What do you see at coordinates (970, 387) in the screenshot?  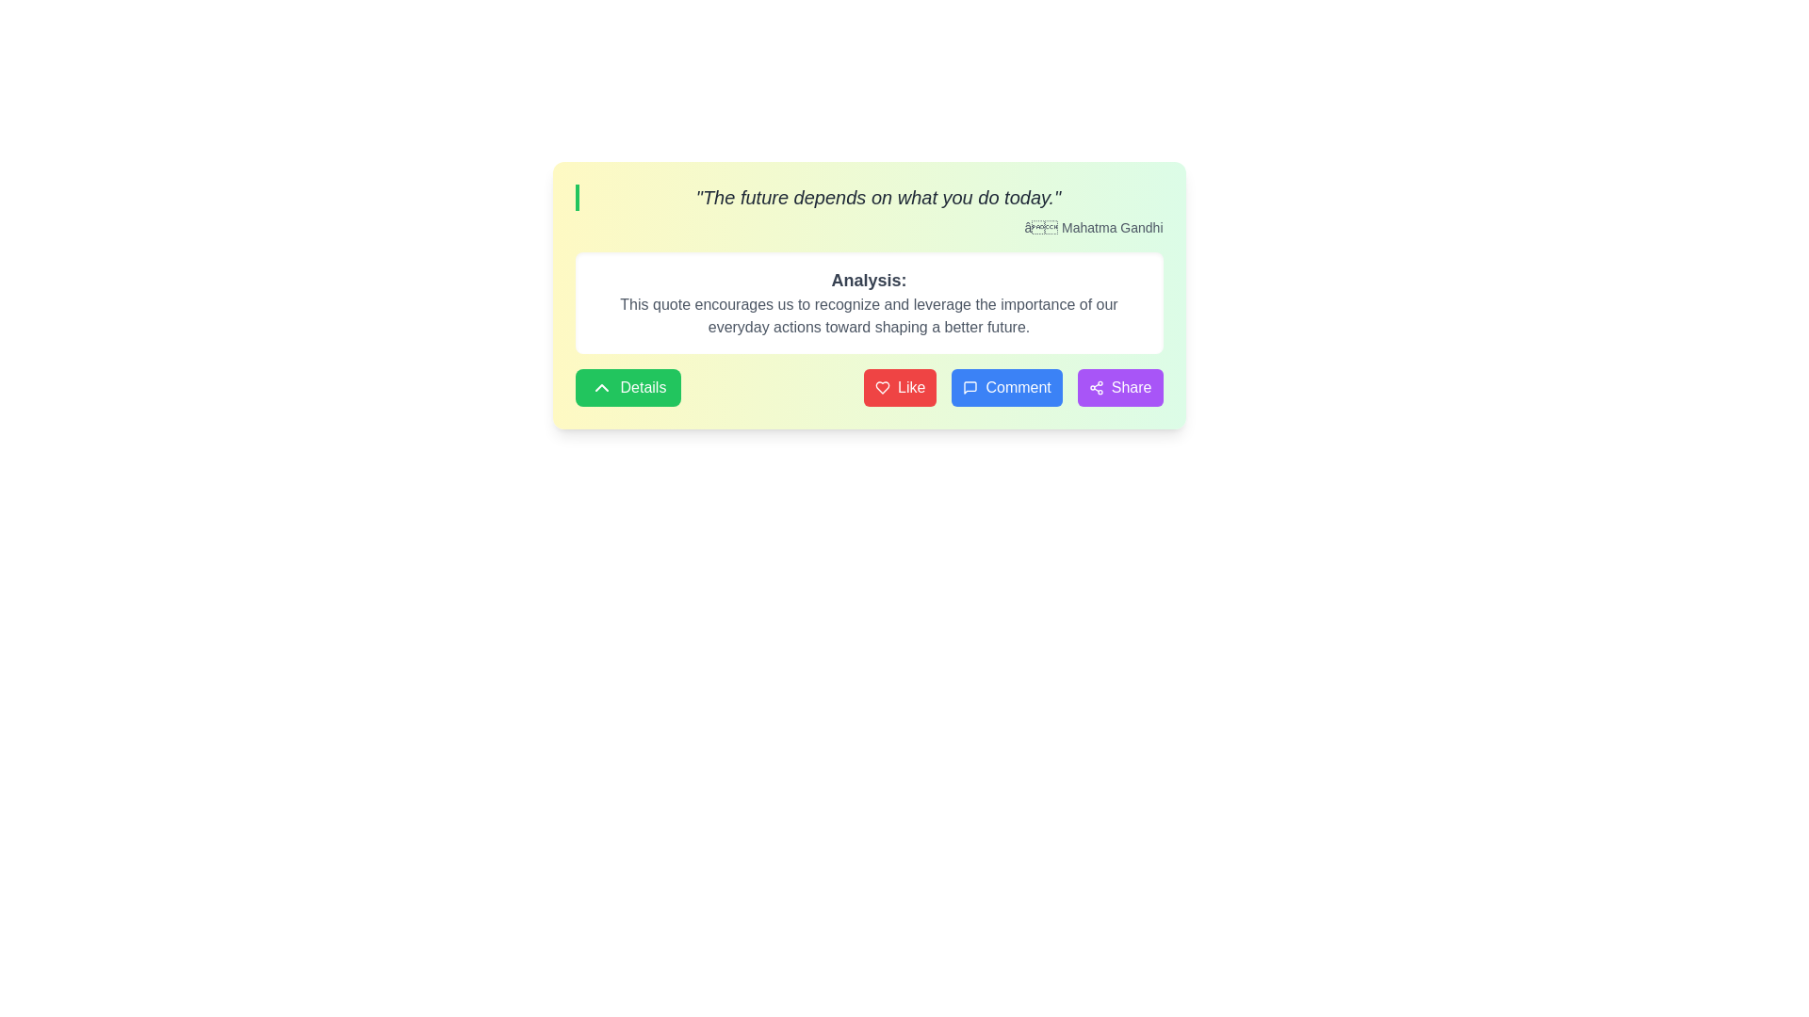 I see `the speech bubble icon located at the bottom-right of the card containing a quote and its analysis, which is the first icon in a group adjacent to 'Details' and 'Like' buttons` at bounding box center [970, 387].